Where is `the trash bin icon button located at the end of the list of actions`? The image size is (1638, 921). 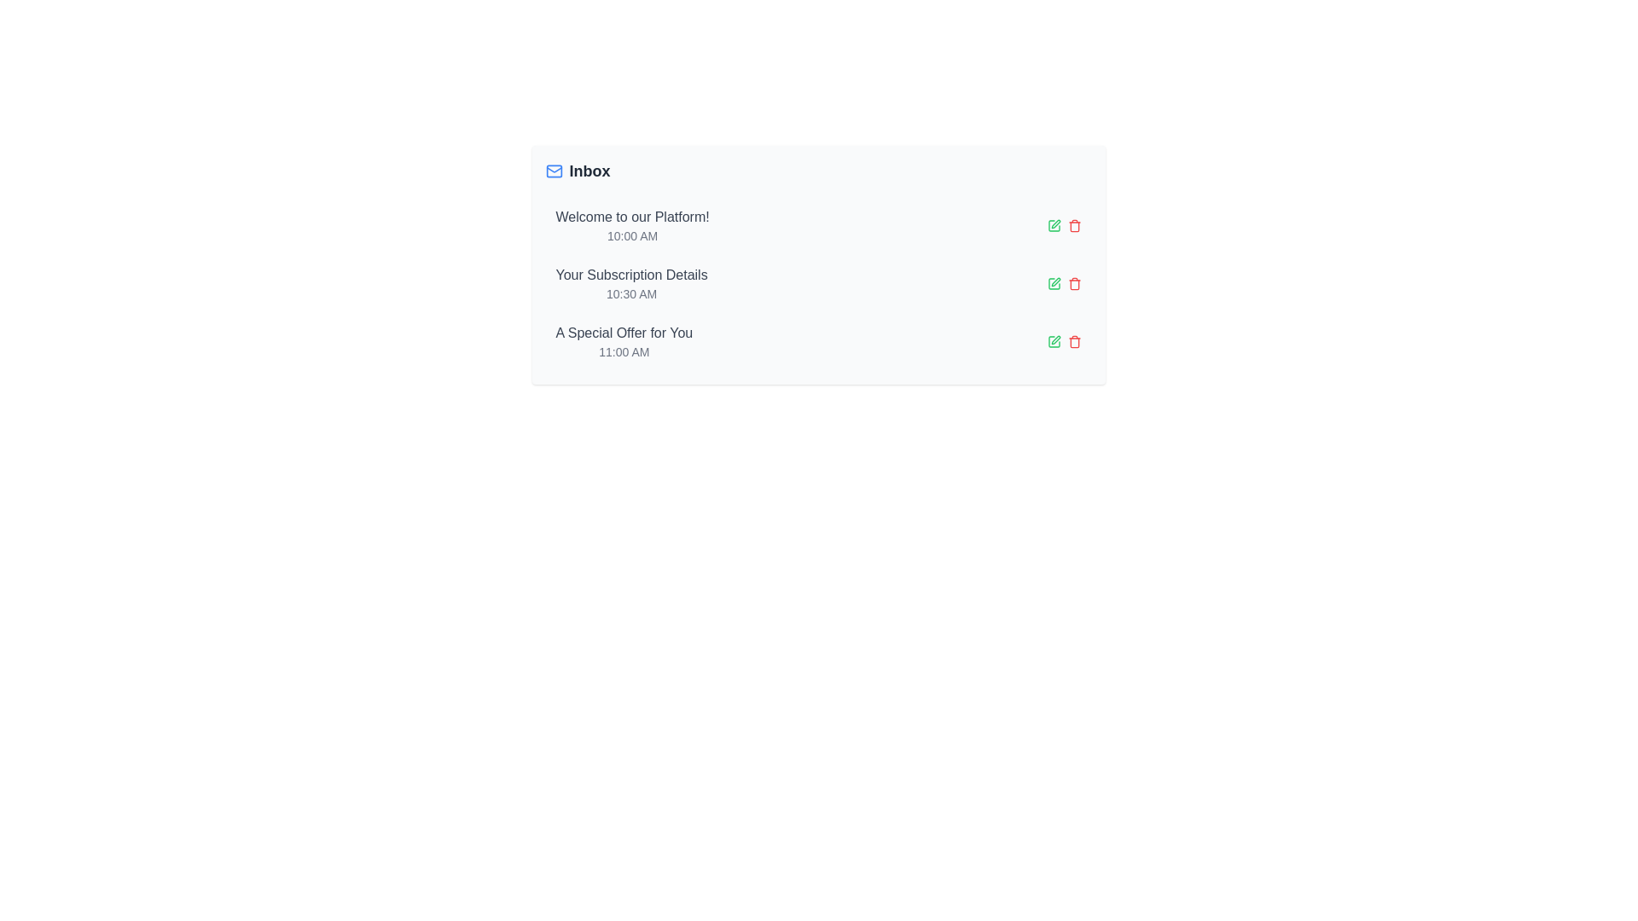 the trash bin icon button located at the end of the list of actions is located at coordinates (1073, 282).